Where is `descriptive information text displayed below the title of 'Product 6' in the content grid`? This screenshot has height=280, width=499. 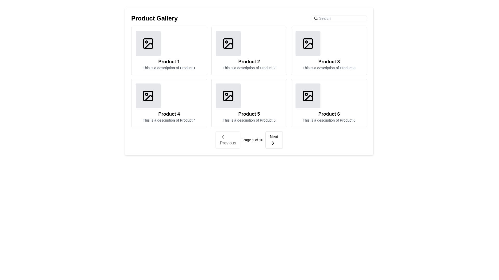
descriptive information text displayed below the title of 'Product 6' in the content grid is located at coordinates (329, 120).